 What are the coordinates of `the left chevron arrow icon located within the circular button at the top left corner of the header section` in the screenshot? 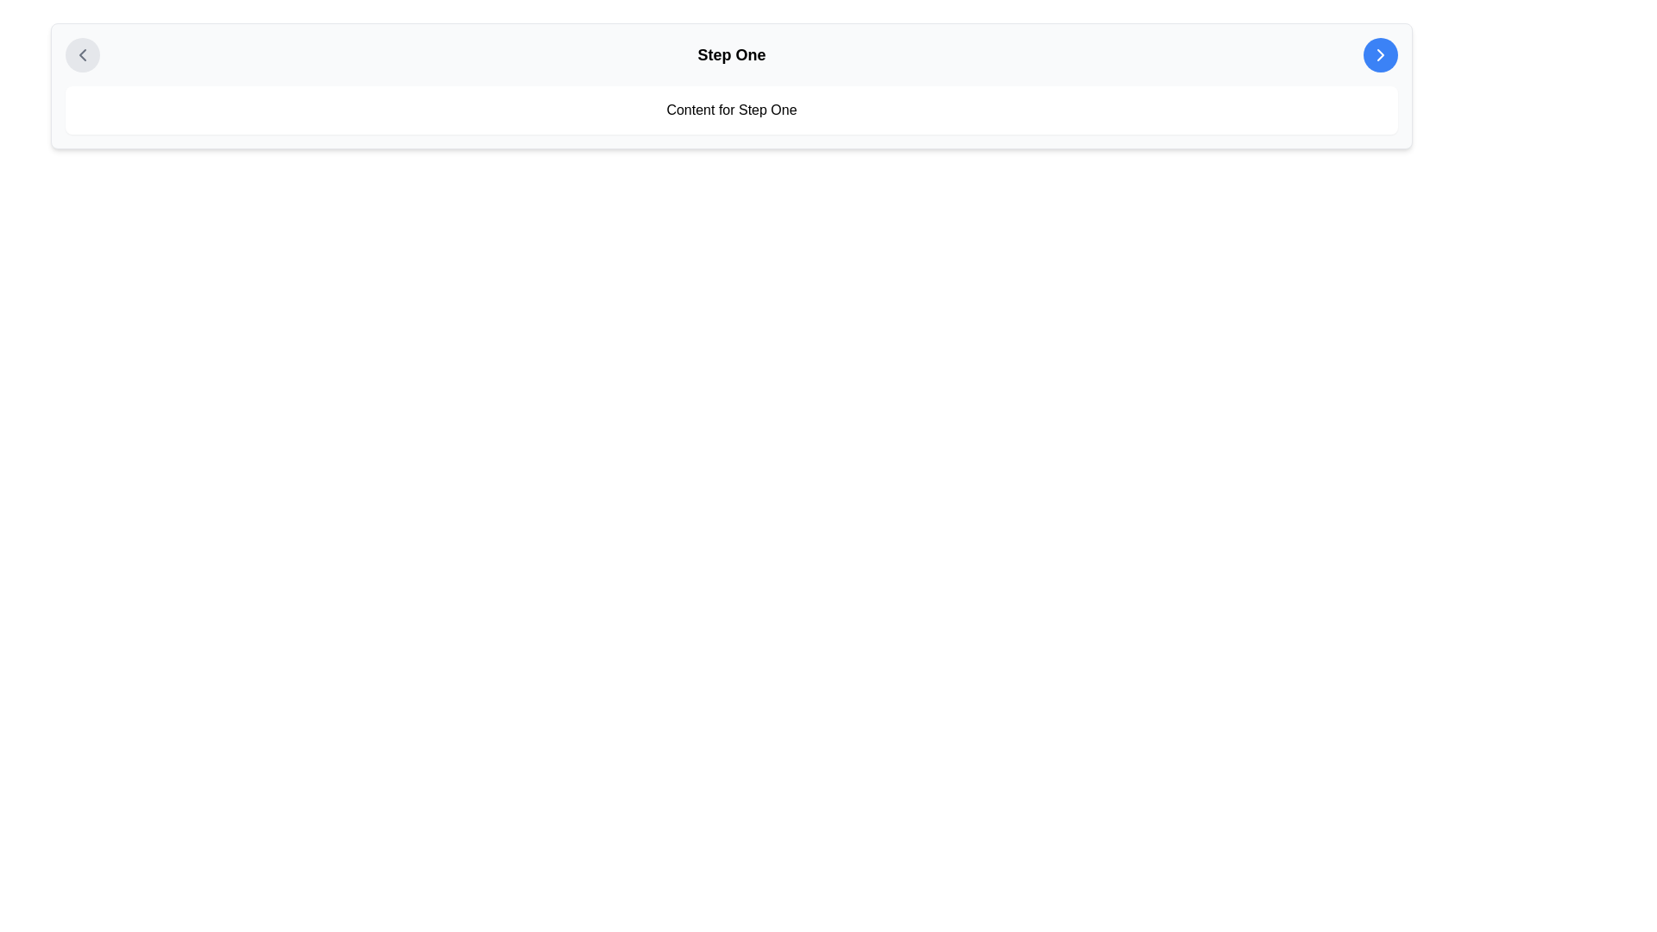 It's located at (82, 54).